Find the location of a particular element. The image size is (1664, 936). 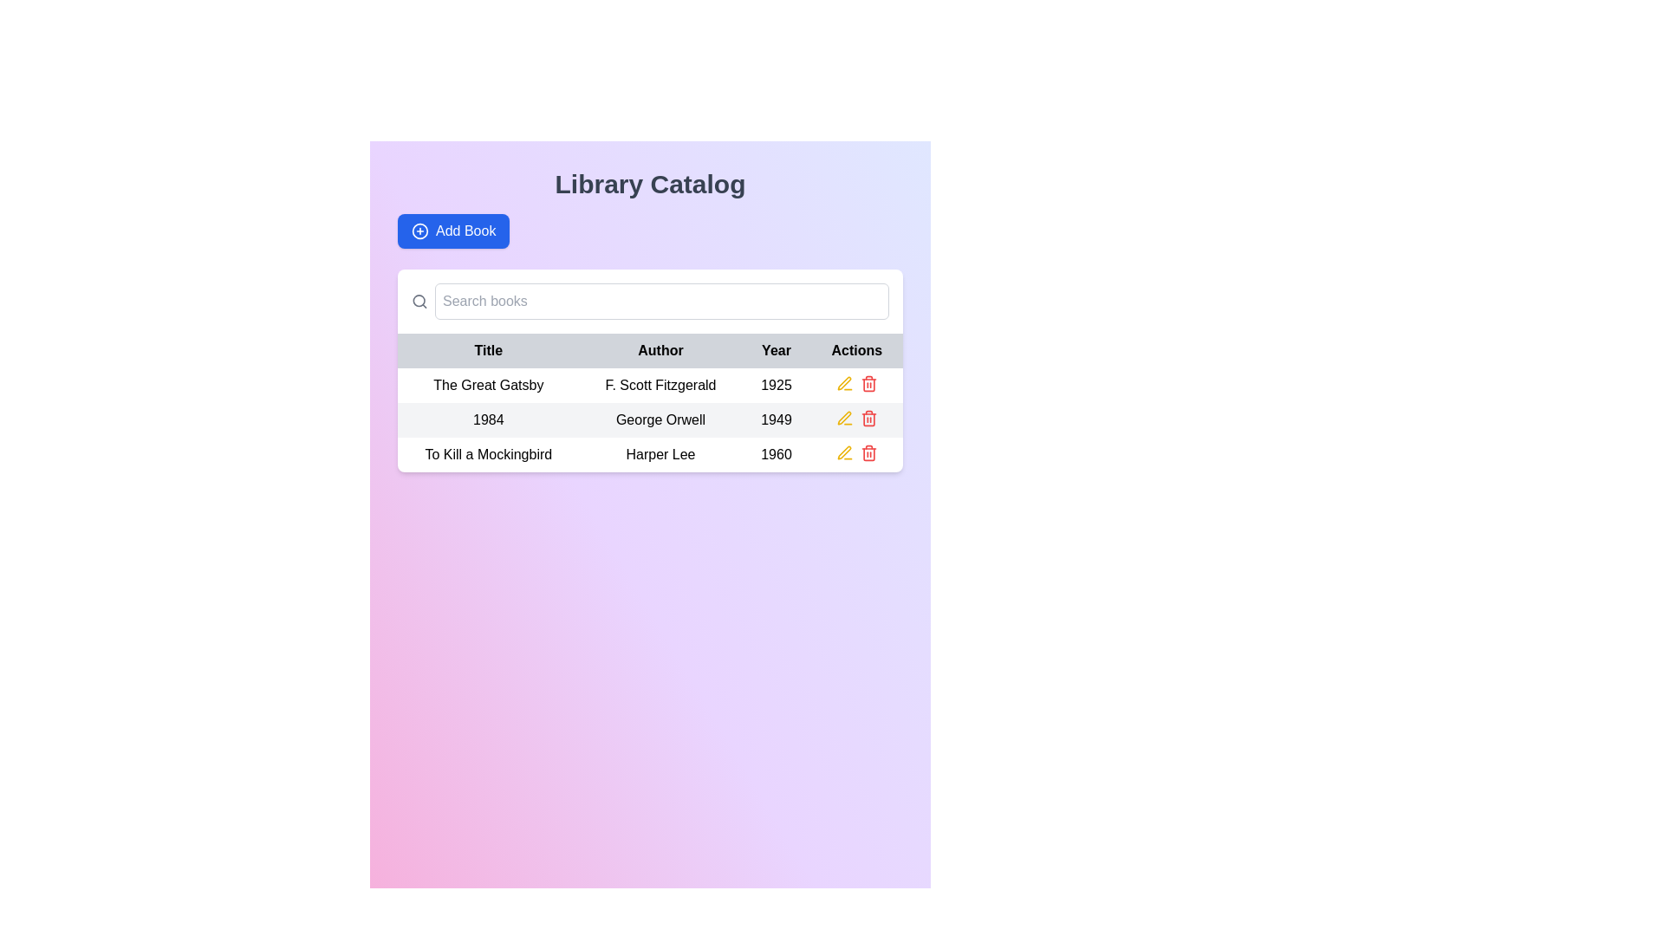

the trash can icon in the 'Actions' column adjacent to the 'To Kill a Mockingbird' row, which represents the delete operation for the respective table row is located at coordinates (868, 384).